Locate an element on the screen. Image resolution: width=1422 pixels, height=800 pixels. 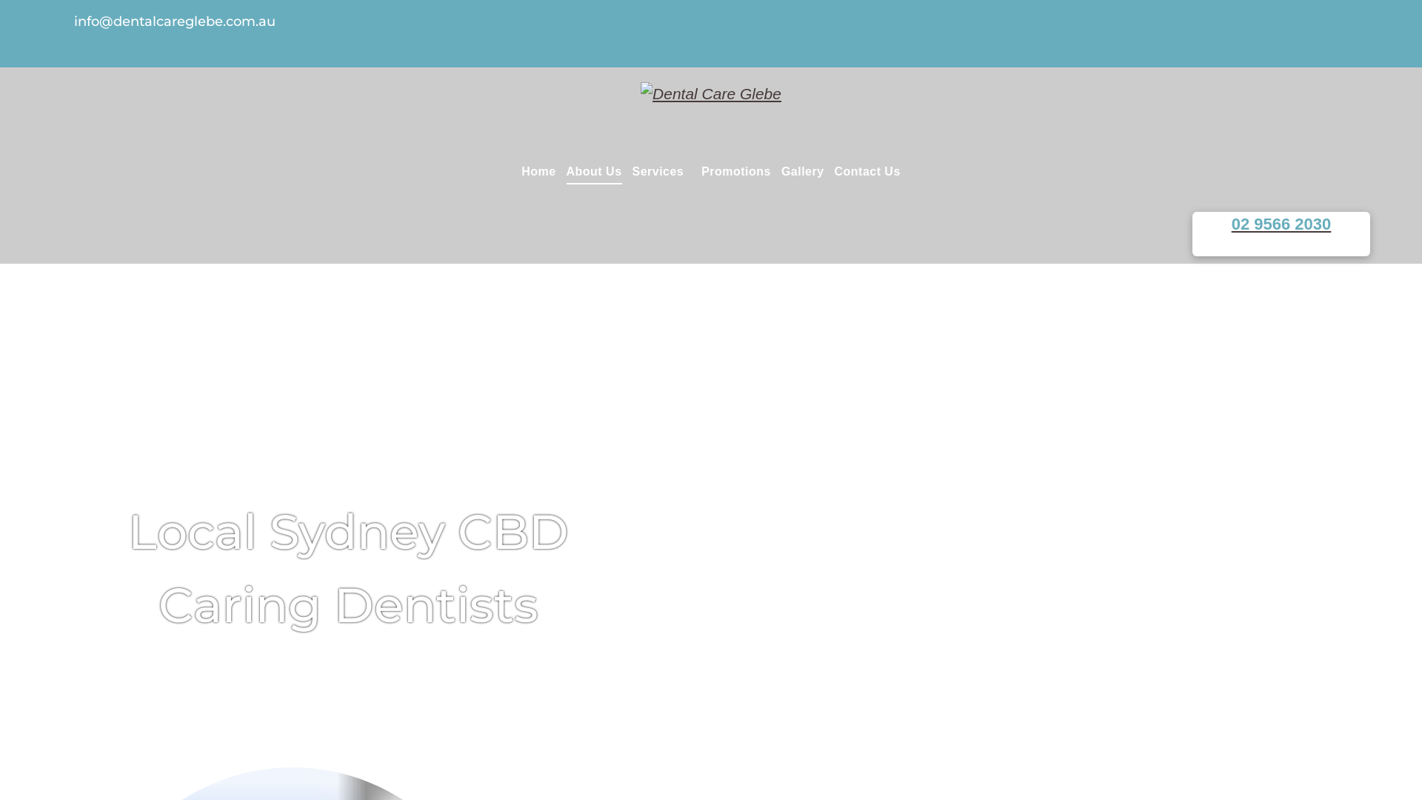
'About Us' is located at coordinates (561, 170).